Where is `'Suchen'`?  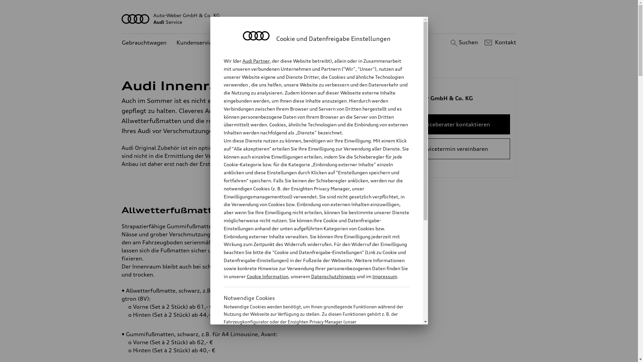 'Suchen' is located at coordinates (463, 43).